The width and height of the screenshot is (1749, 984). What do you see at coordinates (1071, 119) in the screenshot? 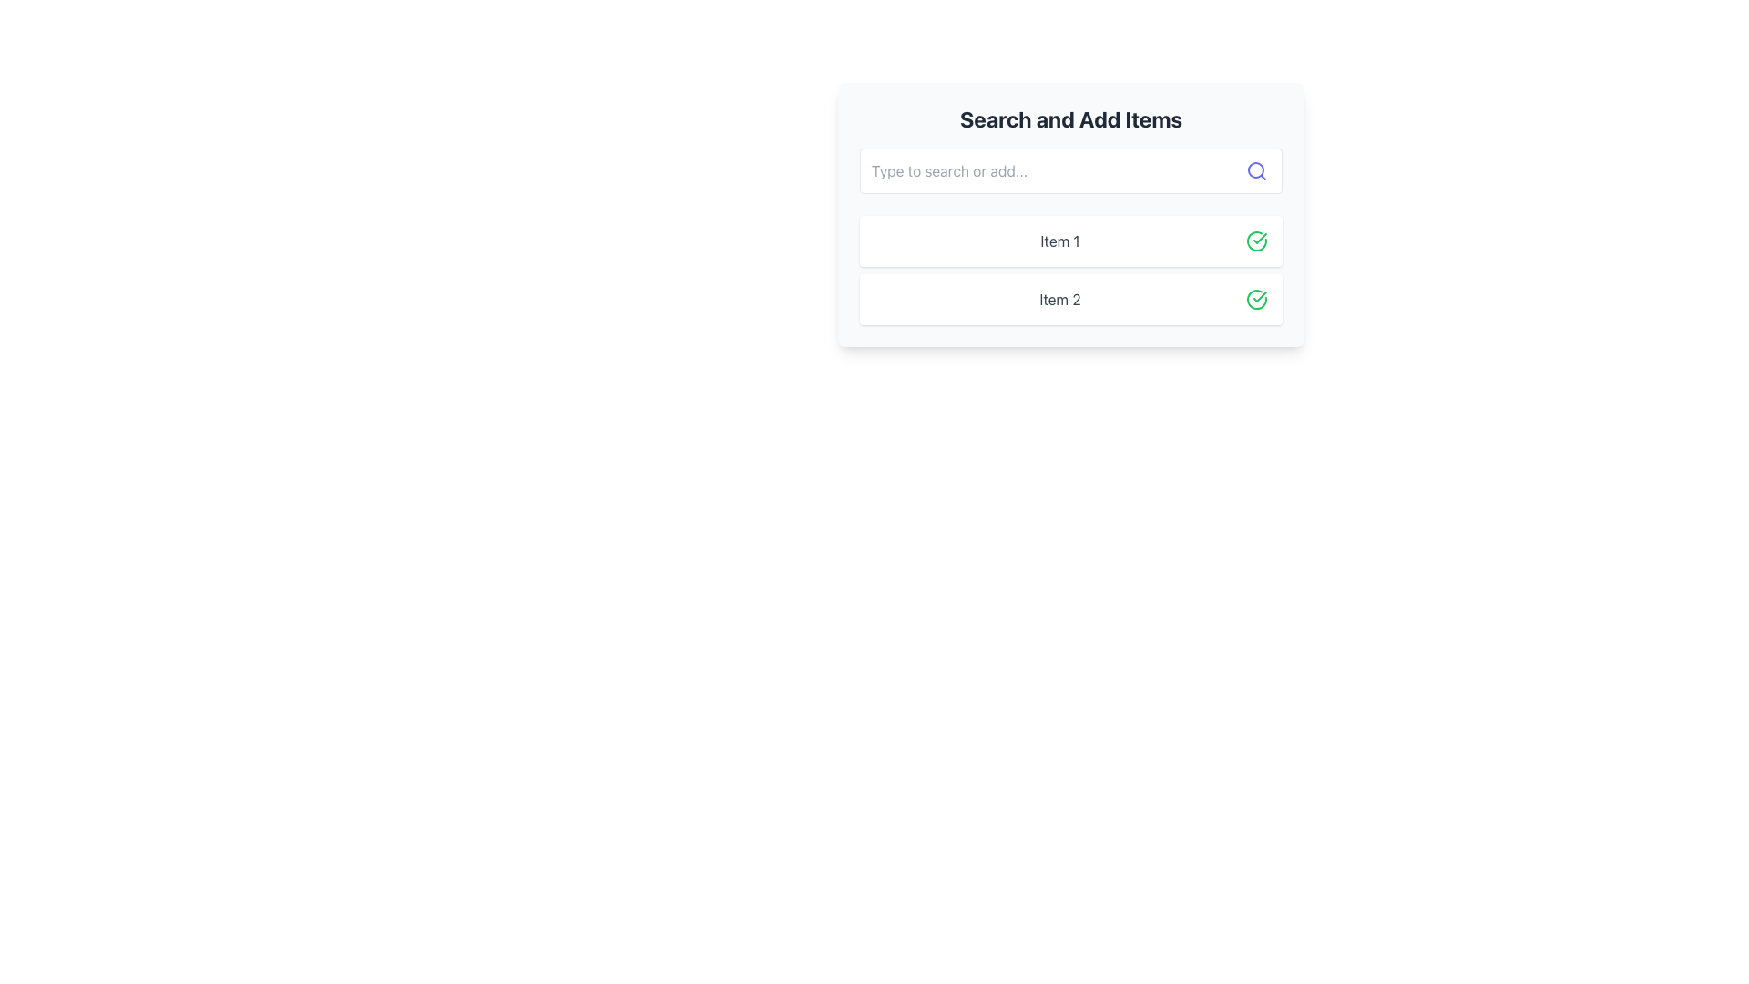
I see `the Heading at the top of the card interface, which serves as a title for the search or add items functionality` at bounding box center [1071, 119].